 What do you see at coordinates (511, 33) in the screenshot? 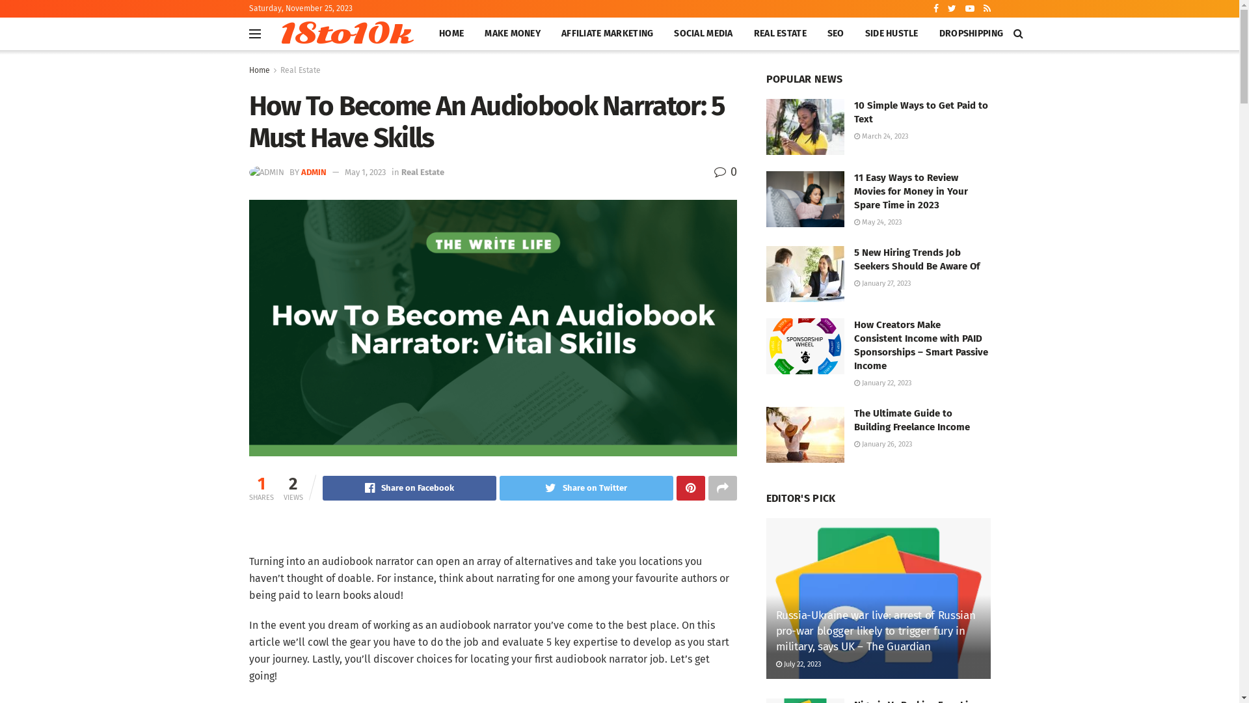
I see `'MAKE MONEY'` at bounding box center [511, 33].